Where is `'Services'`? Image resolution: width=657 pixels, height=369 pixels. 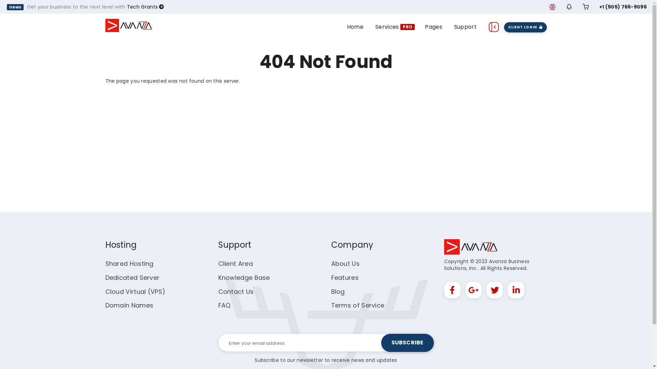 'Services' is located at coordinates (387, 26).